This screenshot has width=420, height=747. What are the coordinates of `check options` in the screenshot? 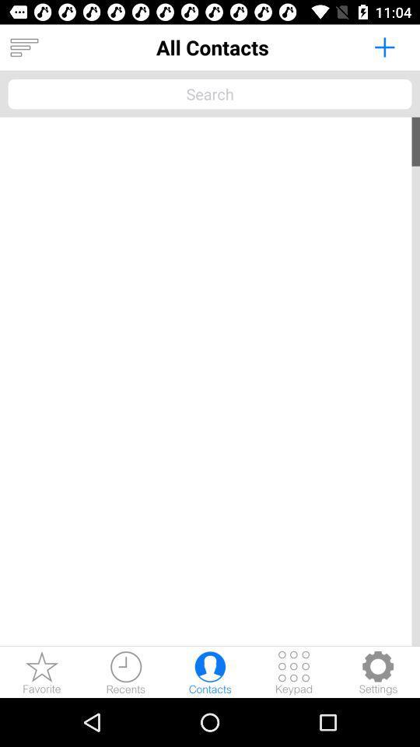 It's located at (377, 672).